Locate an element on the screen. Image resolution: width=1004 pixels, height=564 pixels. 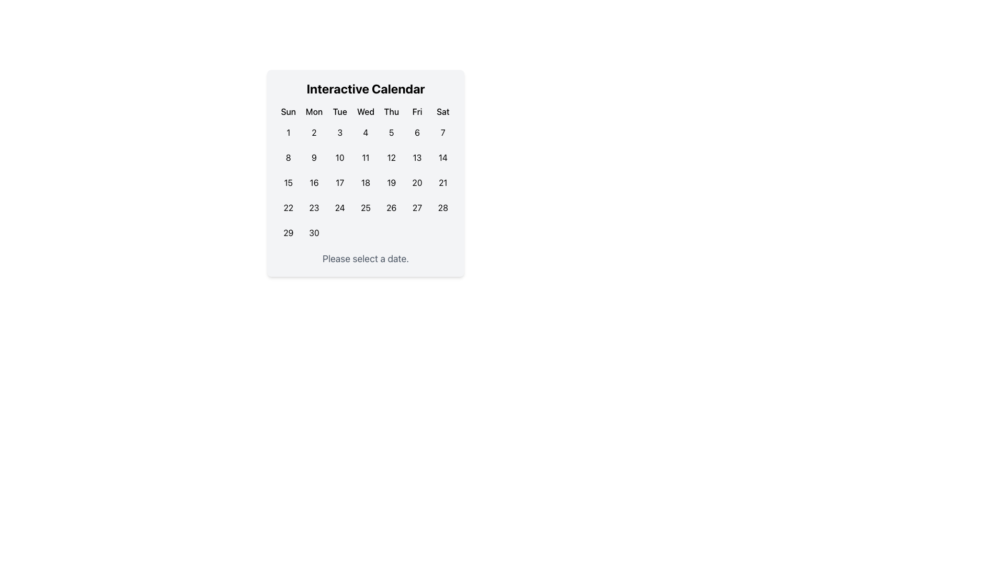
the interactive date element displaying the number '29' in the calendar grid to observe the color change of the background to blue and the text to white is located at coordinates (288, 232).